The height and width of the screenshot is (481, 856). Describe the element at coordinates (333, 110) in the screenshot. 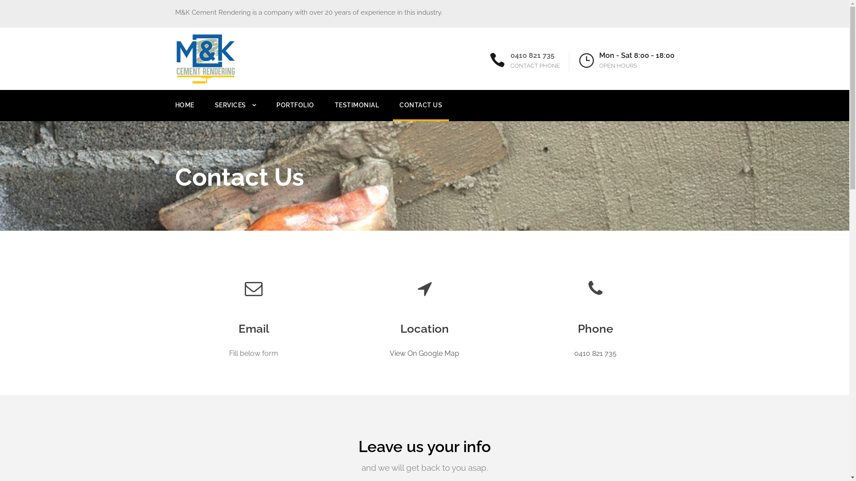

I see `'TESTIMONIAL'` at that location.